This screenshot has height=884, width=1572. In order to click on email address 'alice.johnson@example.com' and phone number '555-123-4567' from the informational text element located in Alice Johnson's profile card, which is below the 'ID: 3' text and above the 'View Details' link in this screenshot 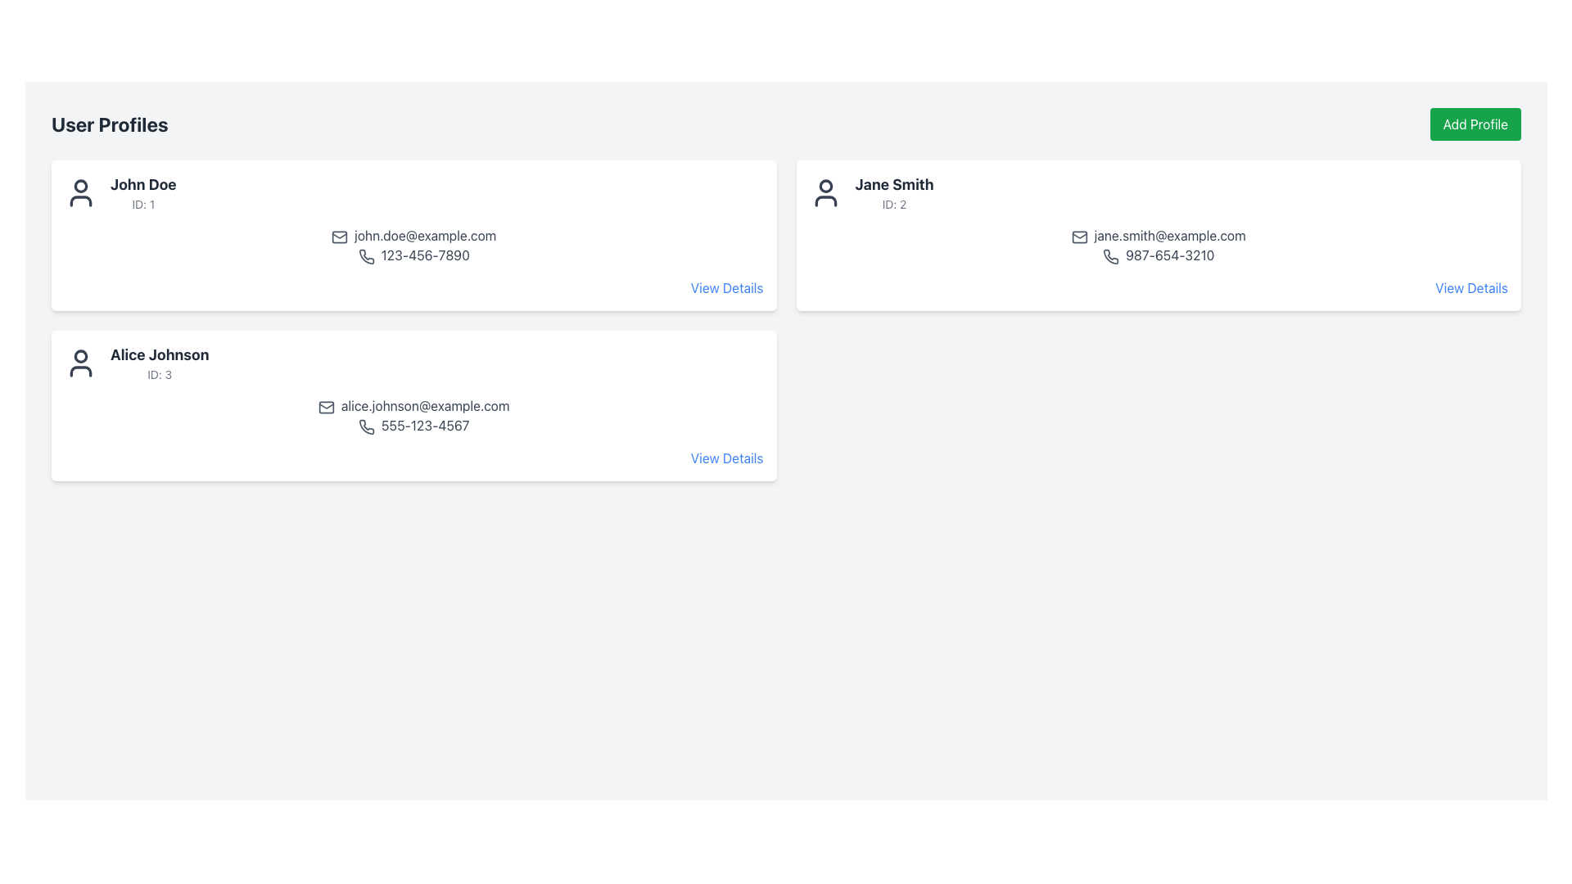, I will do `click(413, 415)`.